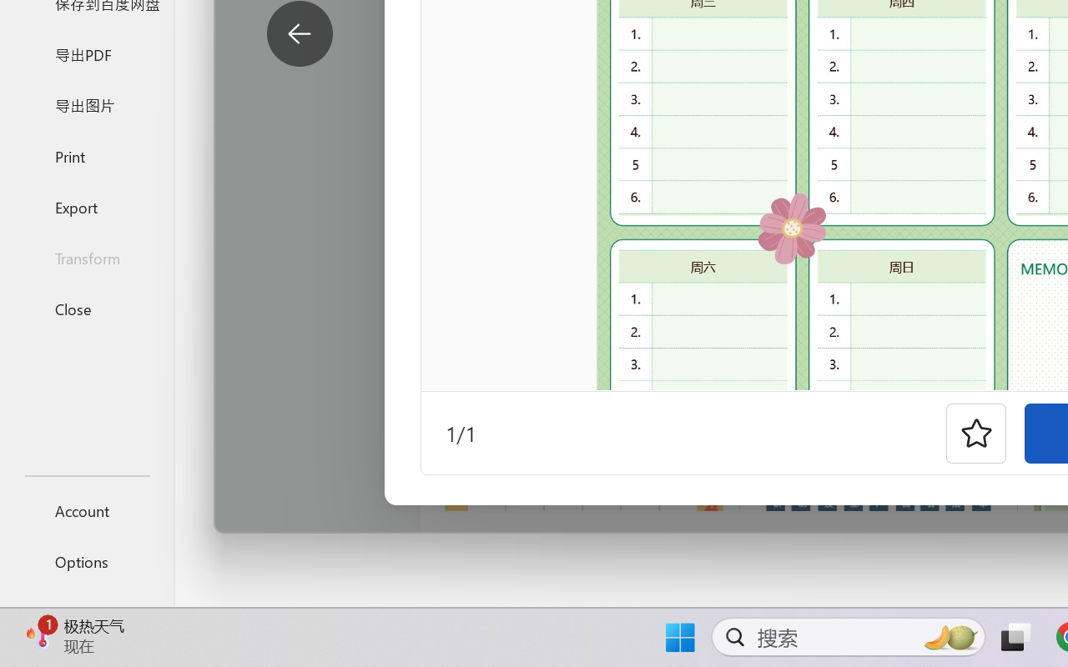 The image size is (1068, 667). Describe the element at coordinates (86, 155) in the screenshot. I see `'Print'` at that location.